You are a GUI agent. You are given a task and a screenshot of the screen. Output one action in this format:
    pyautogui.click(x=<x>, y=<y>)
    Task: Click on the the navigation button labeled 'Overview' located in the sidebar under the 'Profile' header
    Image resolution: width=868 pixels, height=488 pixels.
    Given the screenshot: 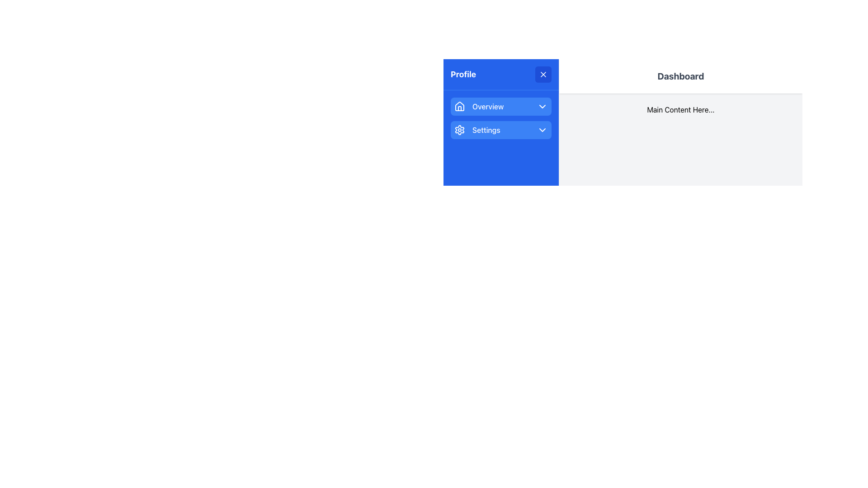 What is the action you would take?
    pyautogui.click(x=500, y=106)
    